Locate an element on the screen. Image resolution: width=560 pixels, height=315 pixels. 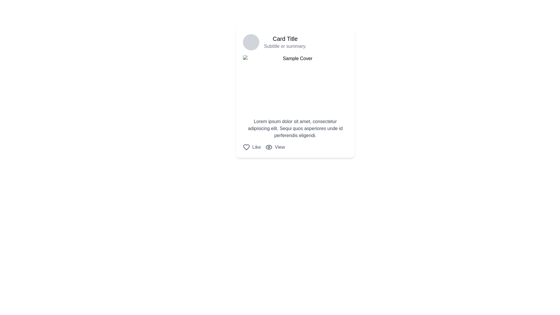
the outer elliptical curve of the eye icon, which is highlighted and located near the 'View' button at the center-bottom of the card is located at coordinates (269, 147).